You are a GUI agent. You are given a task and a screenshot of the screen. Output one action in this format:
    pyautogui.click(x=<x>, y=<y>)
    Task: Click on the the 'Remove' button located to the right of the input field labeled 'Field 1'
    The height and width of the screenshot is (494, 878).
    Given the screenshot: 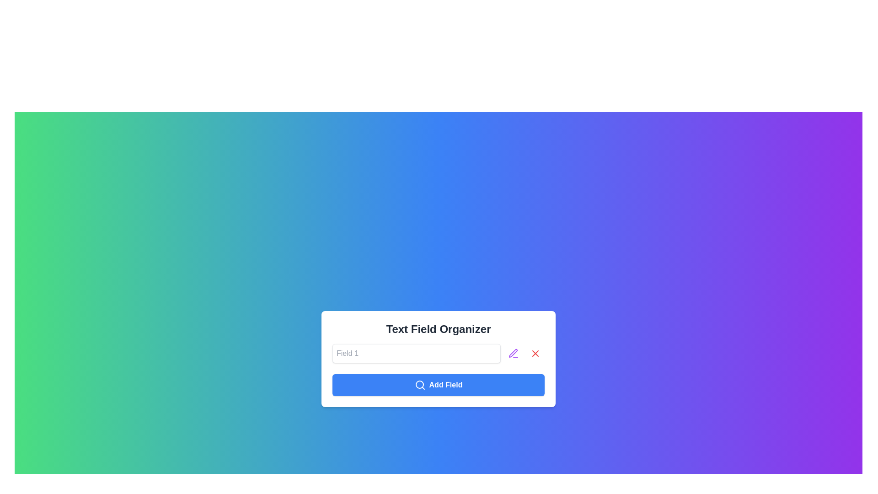 What is the action you would take?
    pyautogui.click(x=535, y=353)
    